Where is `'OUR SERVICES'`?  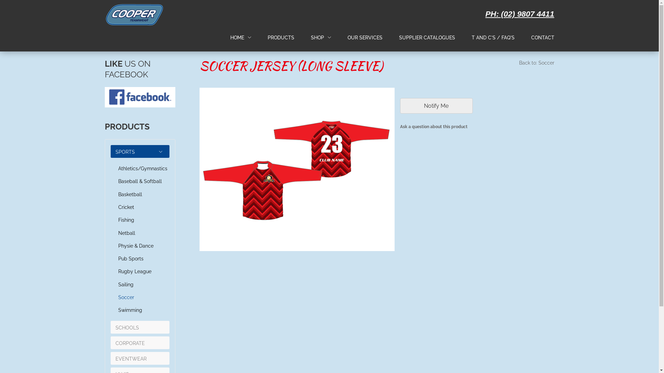
'OUR SERVICES' is located at coordinates (347, 37).